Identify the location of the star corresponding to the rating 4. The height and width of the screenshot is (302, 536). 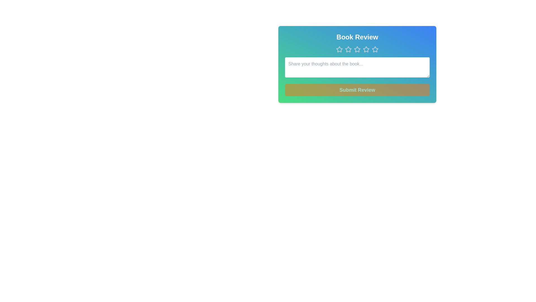
(366, 49).